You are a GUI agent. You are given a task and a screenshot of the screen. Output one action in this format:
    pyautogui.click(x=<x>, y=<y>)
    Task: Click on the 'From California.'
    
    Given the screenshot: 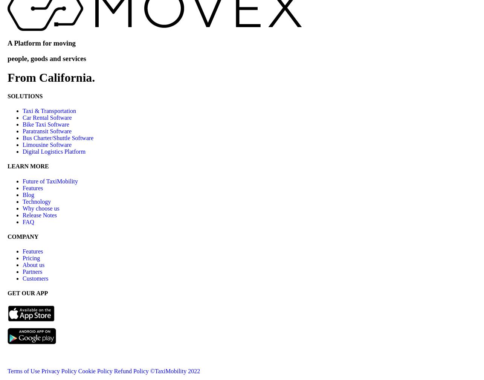 What is the action you would take?
    pyautogui.click(x=51, y=77)
    